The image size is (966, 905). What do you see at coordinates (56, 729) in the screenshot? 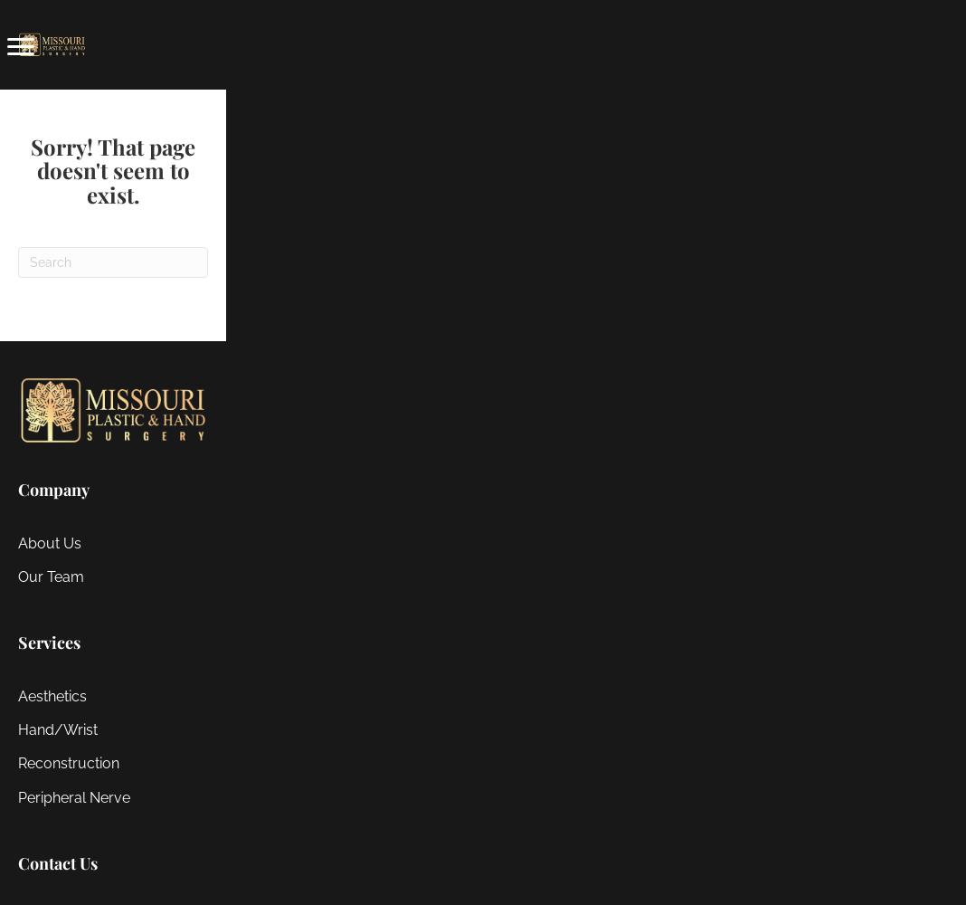
I see `'Hand/Wrist'` at bounding box center [56, 729].